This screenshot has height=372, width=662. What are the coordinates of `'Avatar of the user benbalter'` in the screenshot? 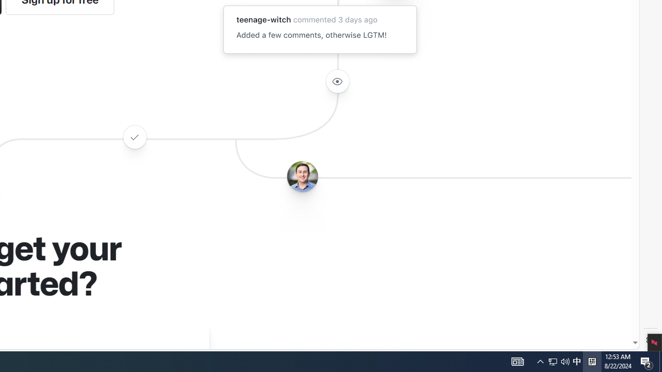 It's located at (302, 176).